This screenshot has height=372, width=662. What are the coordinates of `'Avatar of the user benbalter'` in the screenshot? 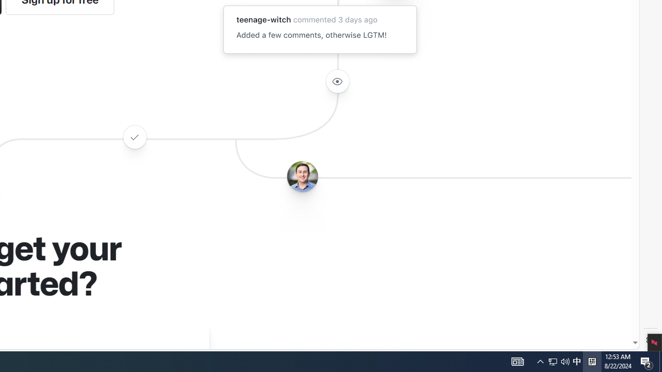 It's located at (302, 176).